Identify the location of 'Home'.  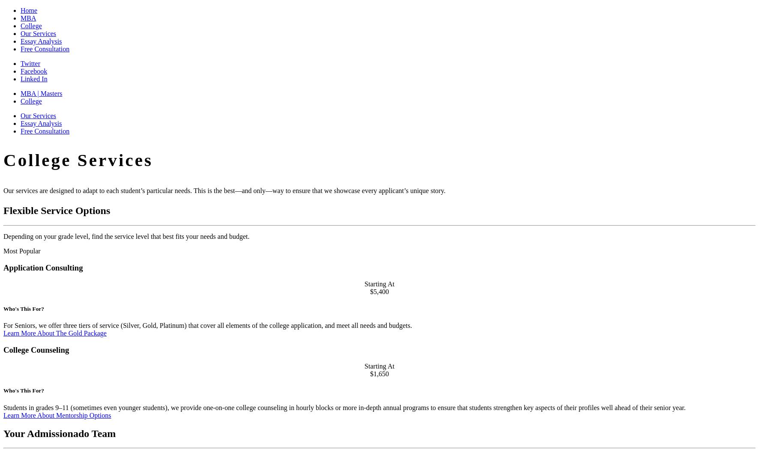
(28, 10).